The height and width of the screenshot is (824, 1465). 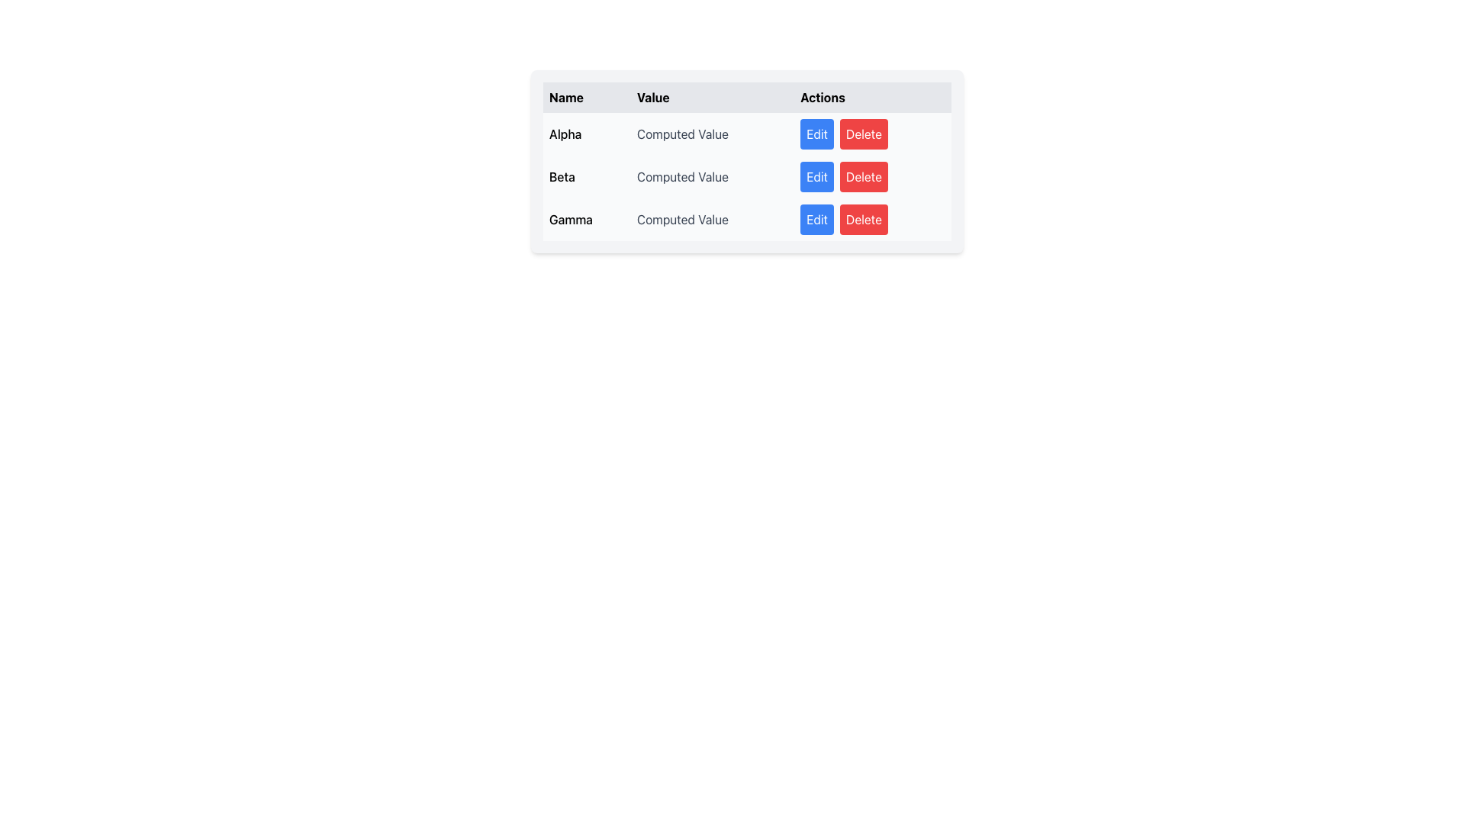 What do you see at coordinates (816, 175) in the screenshot?
I see `the blue button labeled 'Edit' in the 'Actions' column of the second row of the table for navigation` at bounding box center [816, 175].